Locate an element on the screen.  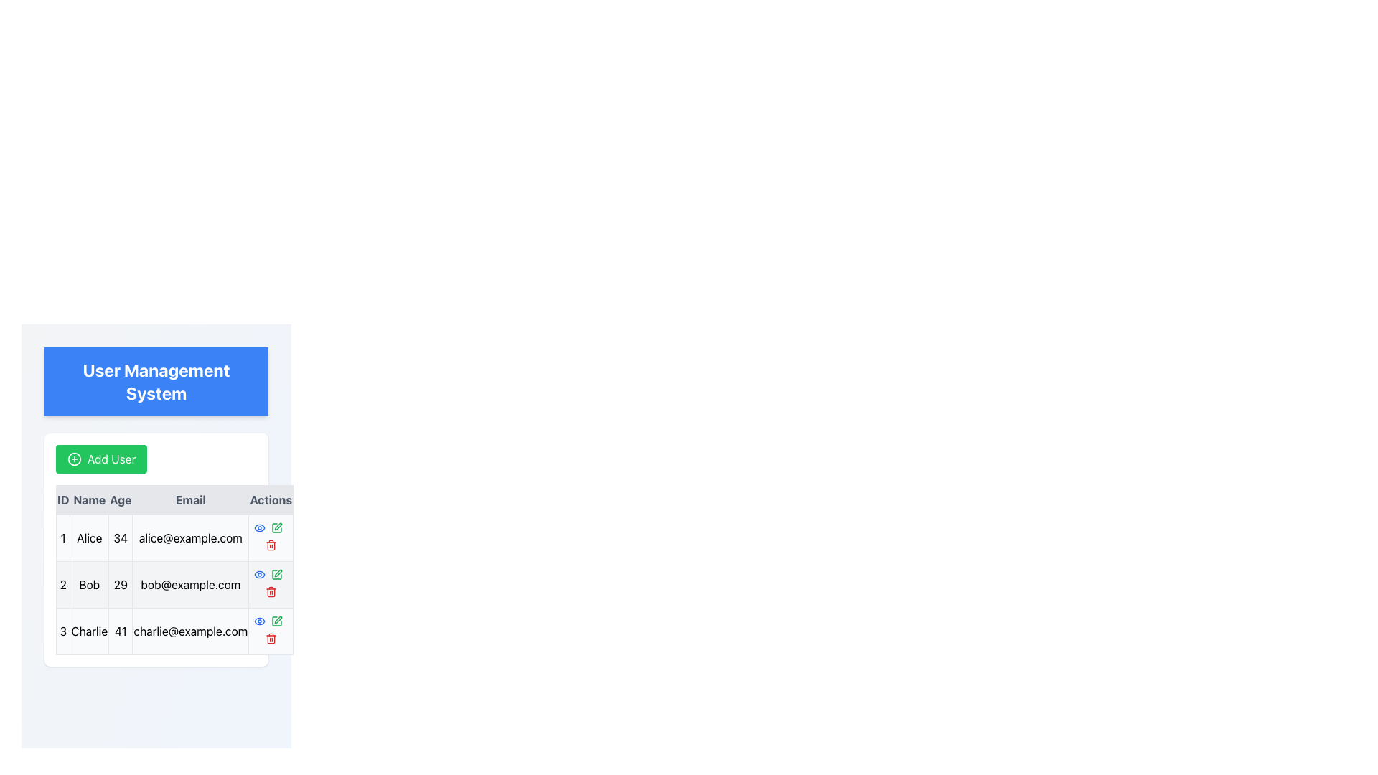
the red trash can icon in the 'Actions' column of the user management system table is located at coordinates (271, 545).